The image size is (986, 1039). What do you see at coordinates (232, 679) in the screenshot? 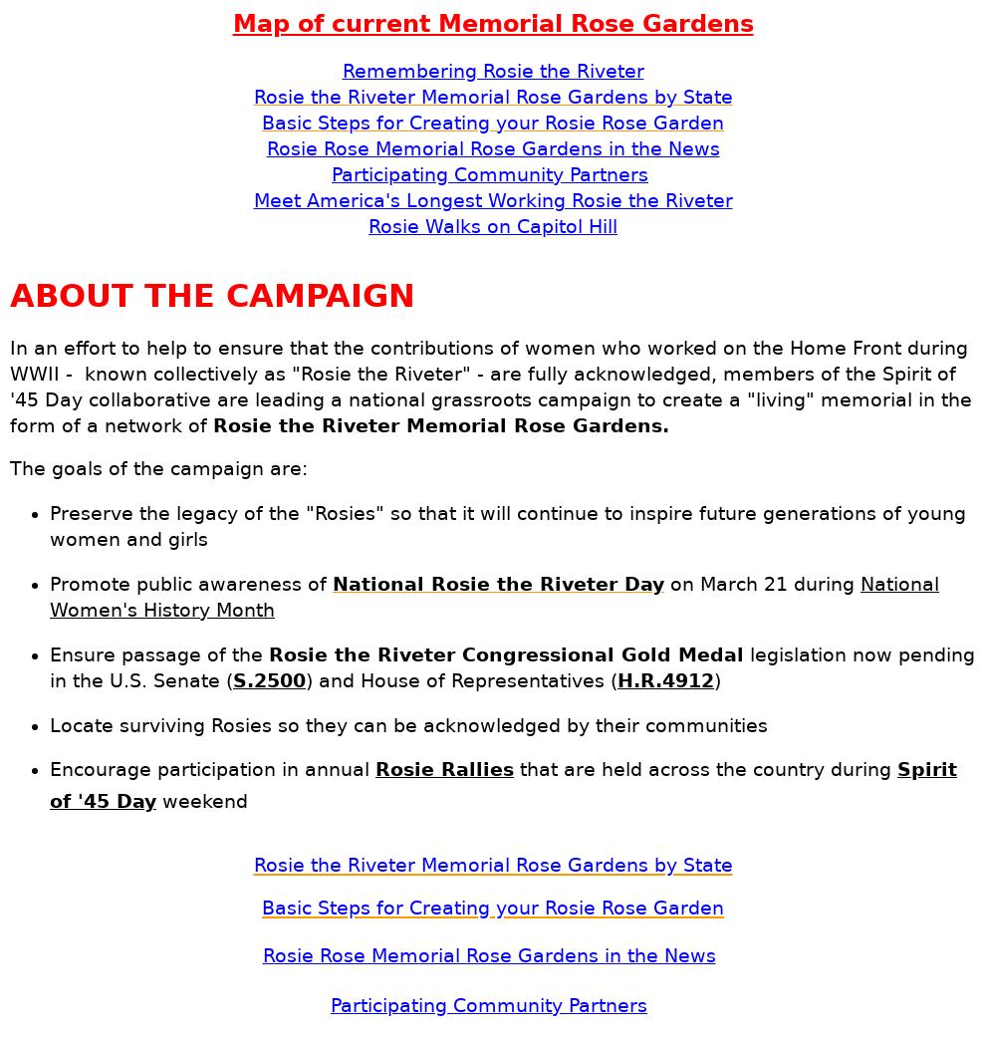
I see `'S.2500'` at bounding box center [232, 679].